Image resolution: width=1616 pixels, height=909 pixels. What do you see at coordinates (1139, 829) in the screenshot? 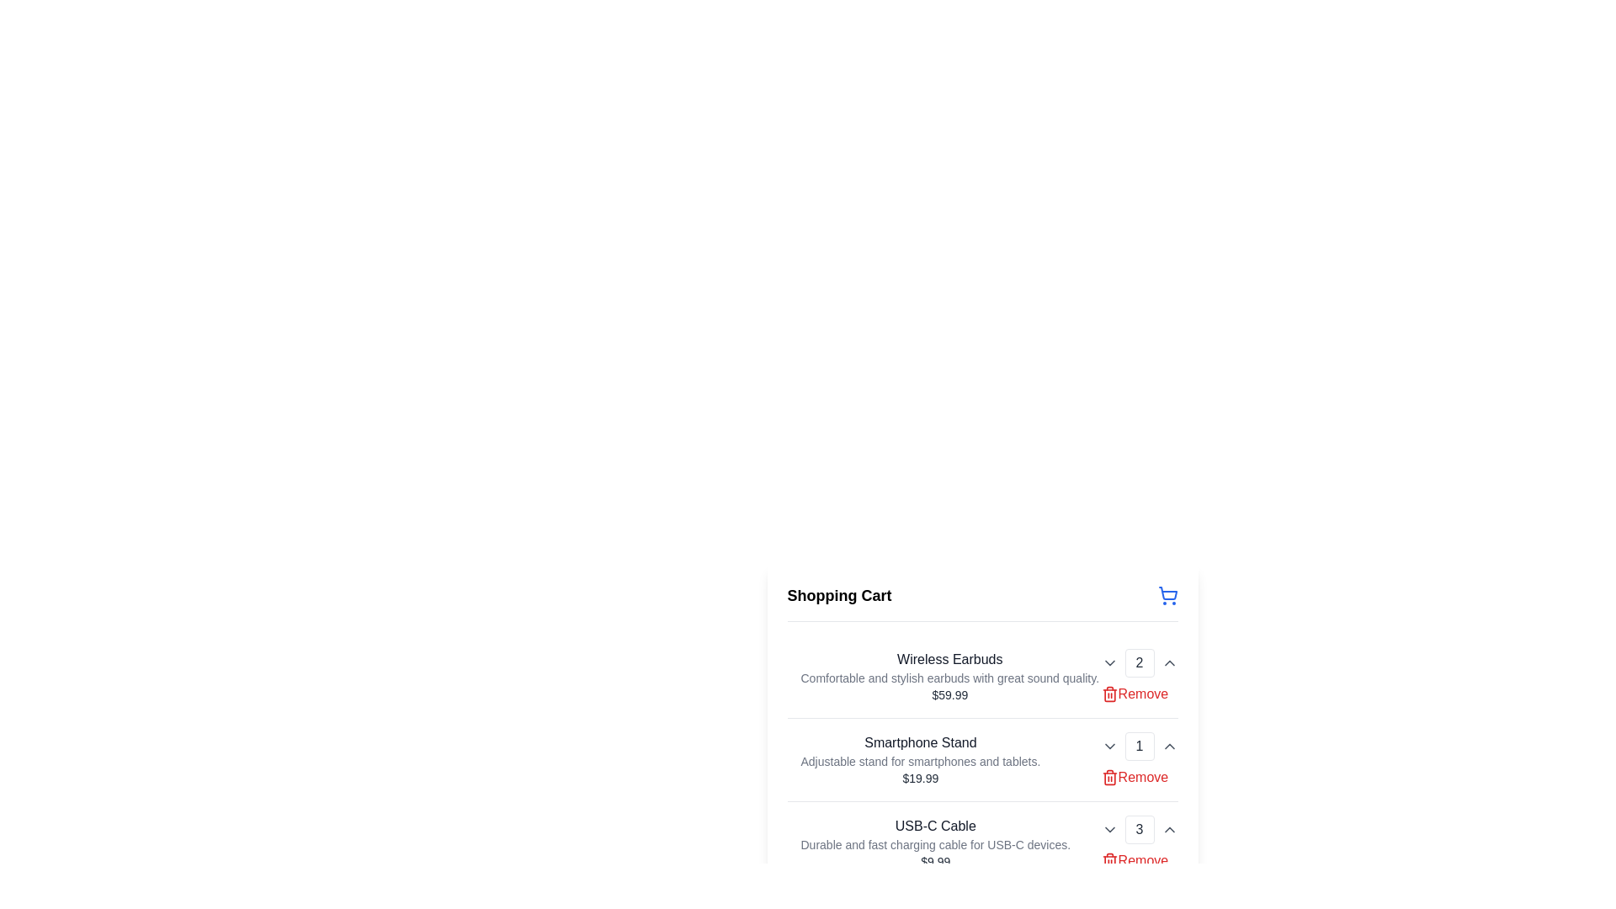
I see `the number '3' from the bordered numeric data box with a thin gray border and rounded corners` at bounding box center [1139, 829].